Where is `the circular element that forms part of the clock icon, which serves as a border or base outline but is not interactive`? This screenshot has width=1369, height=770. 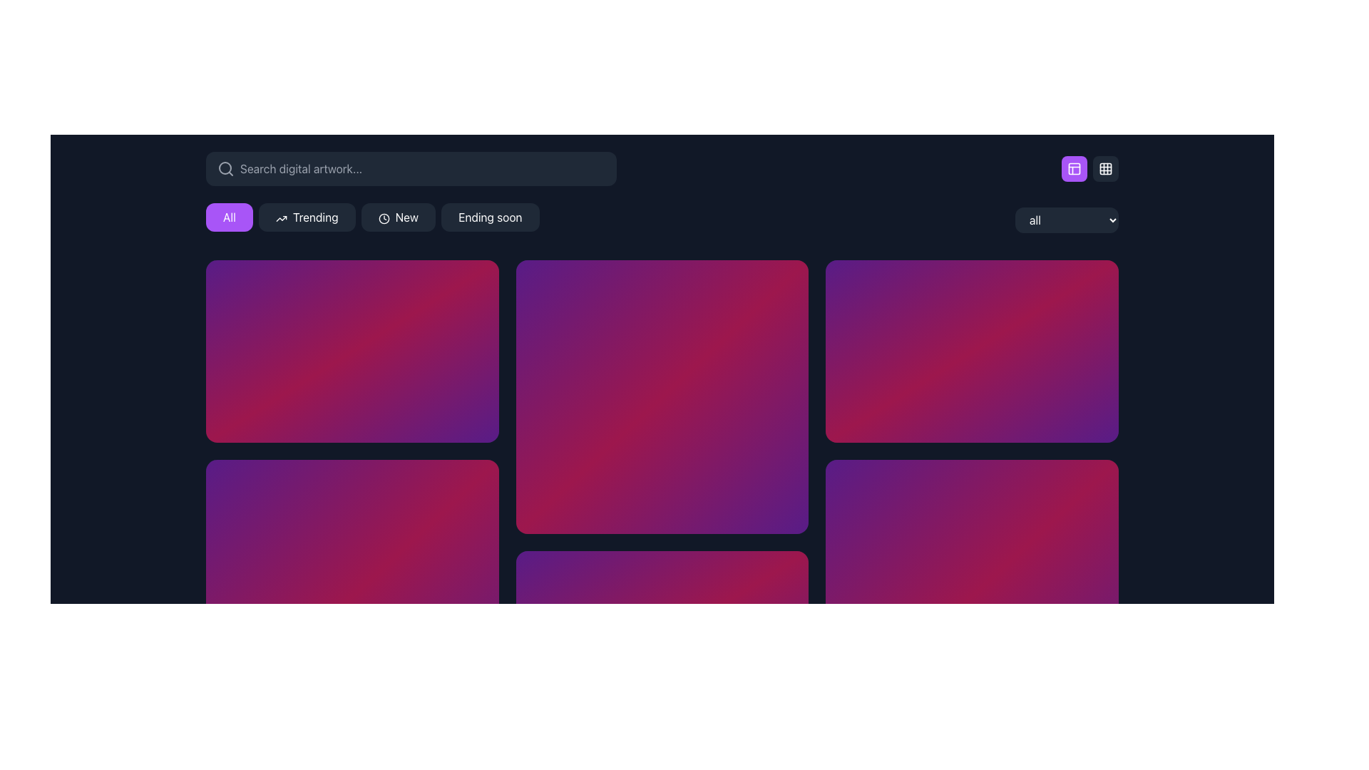 the circular element that forms part of the clock icon, which serves as a border or base outline but is not interactive is located at coordinates (384, 218).